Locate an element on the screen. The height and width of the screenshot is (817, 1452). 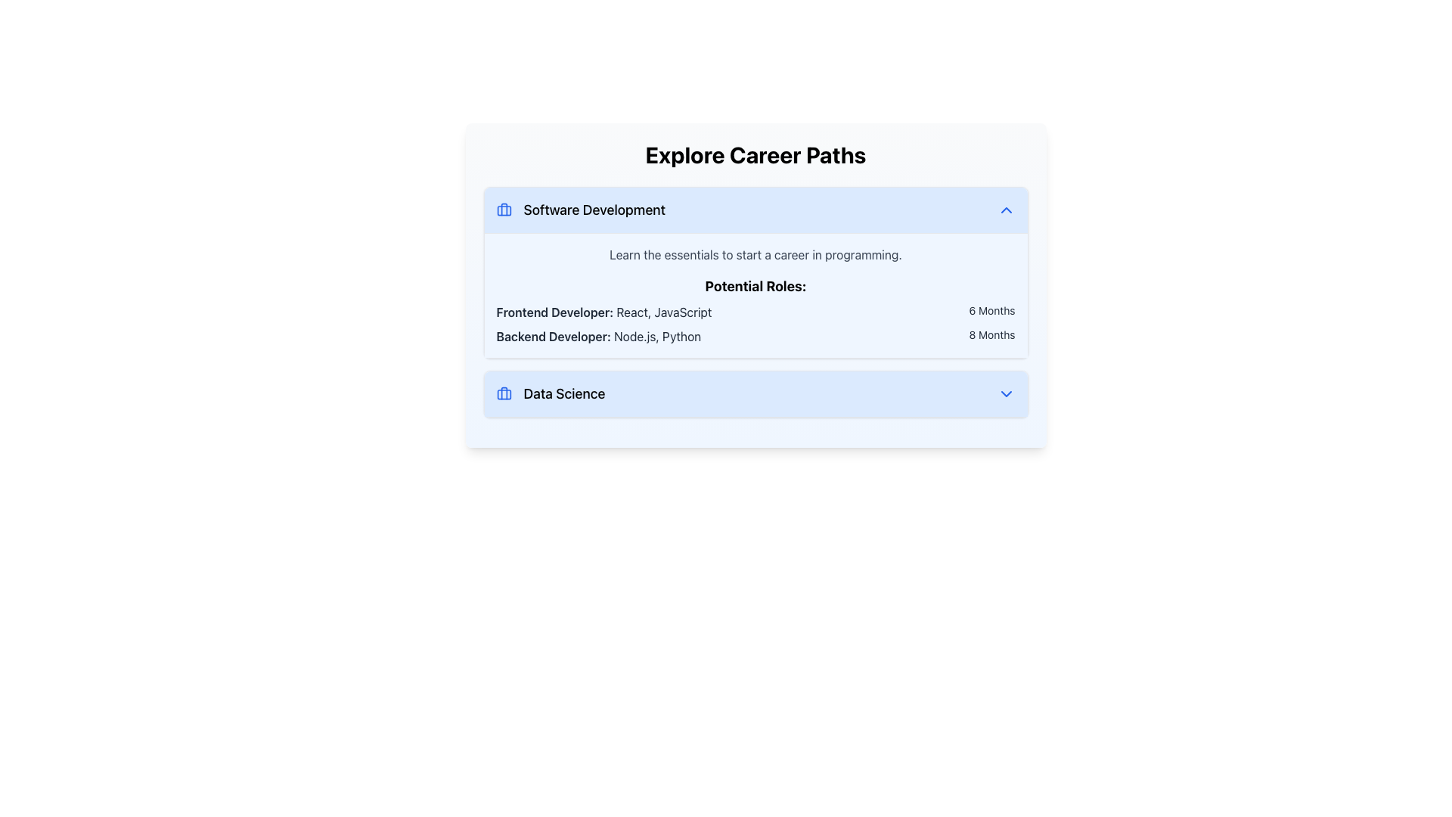
the briefcase icon representing 'Software Development' is located at coordinates (504, 210).